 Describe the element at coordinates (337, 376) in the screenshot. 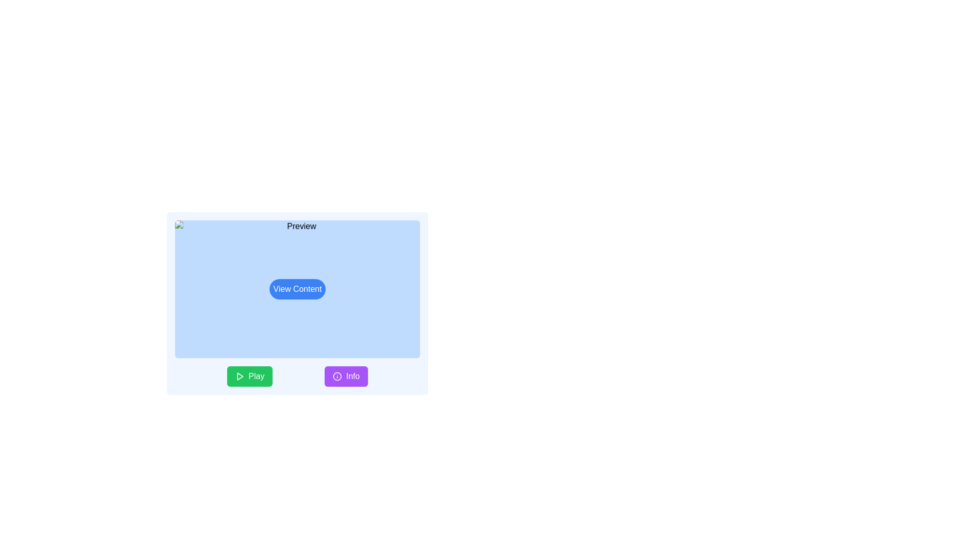

I see `the circular graphic element that represents an 'Info' symbol, located on the right side of the purple button labeled 'Info'` at that location.